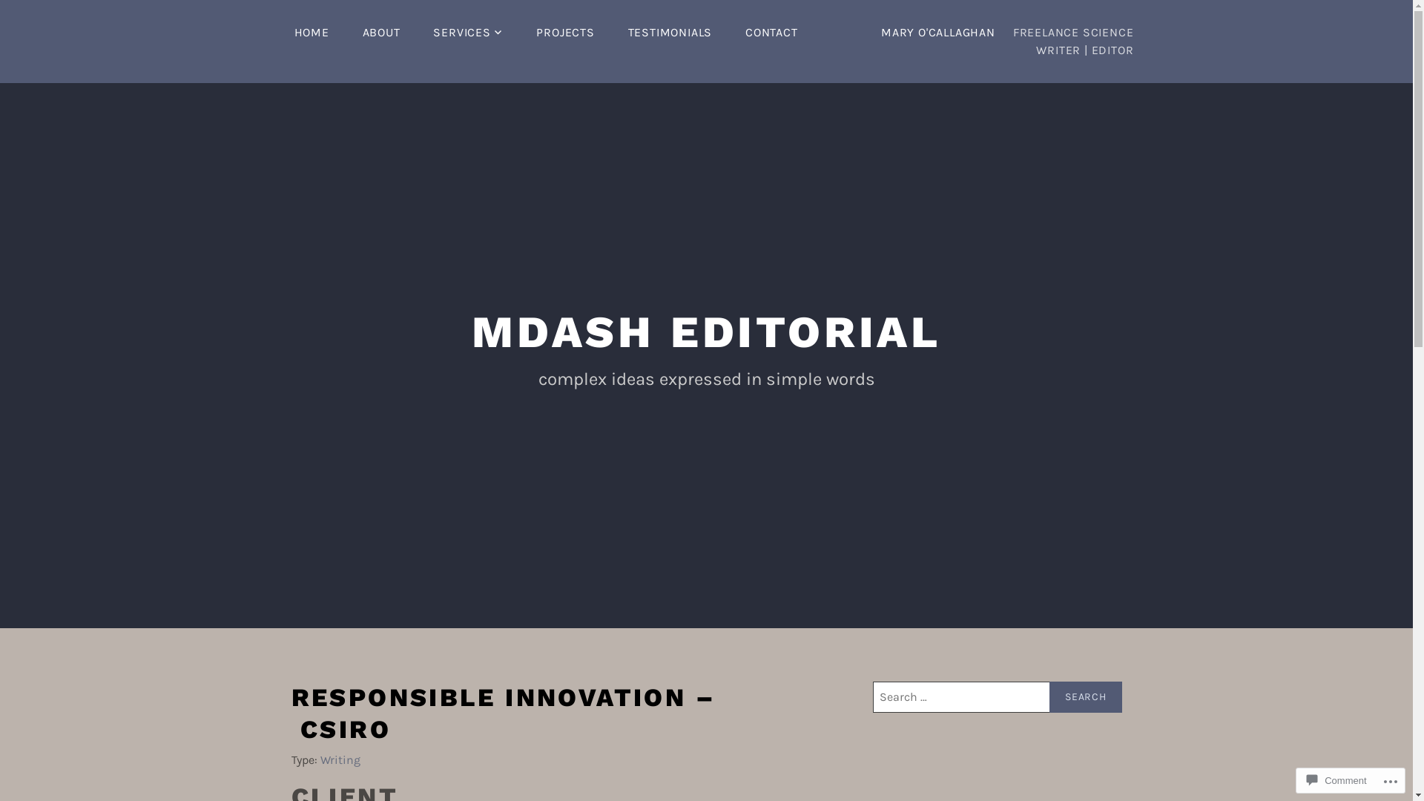 The width and height of the screenshot is (1424, 801). I want to click on 'HOME', so click(310, 32).